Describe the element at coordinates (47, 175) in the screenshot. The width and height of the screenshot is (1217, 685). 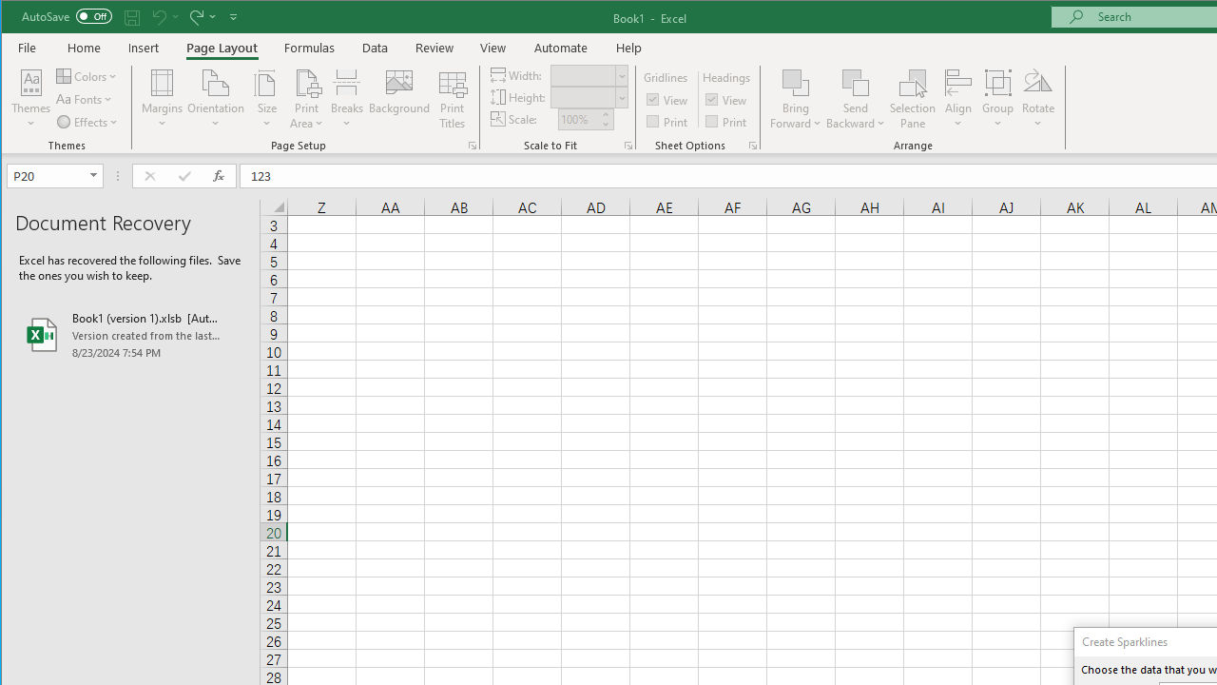
I see `'Name Box'` at that location.